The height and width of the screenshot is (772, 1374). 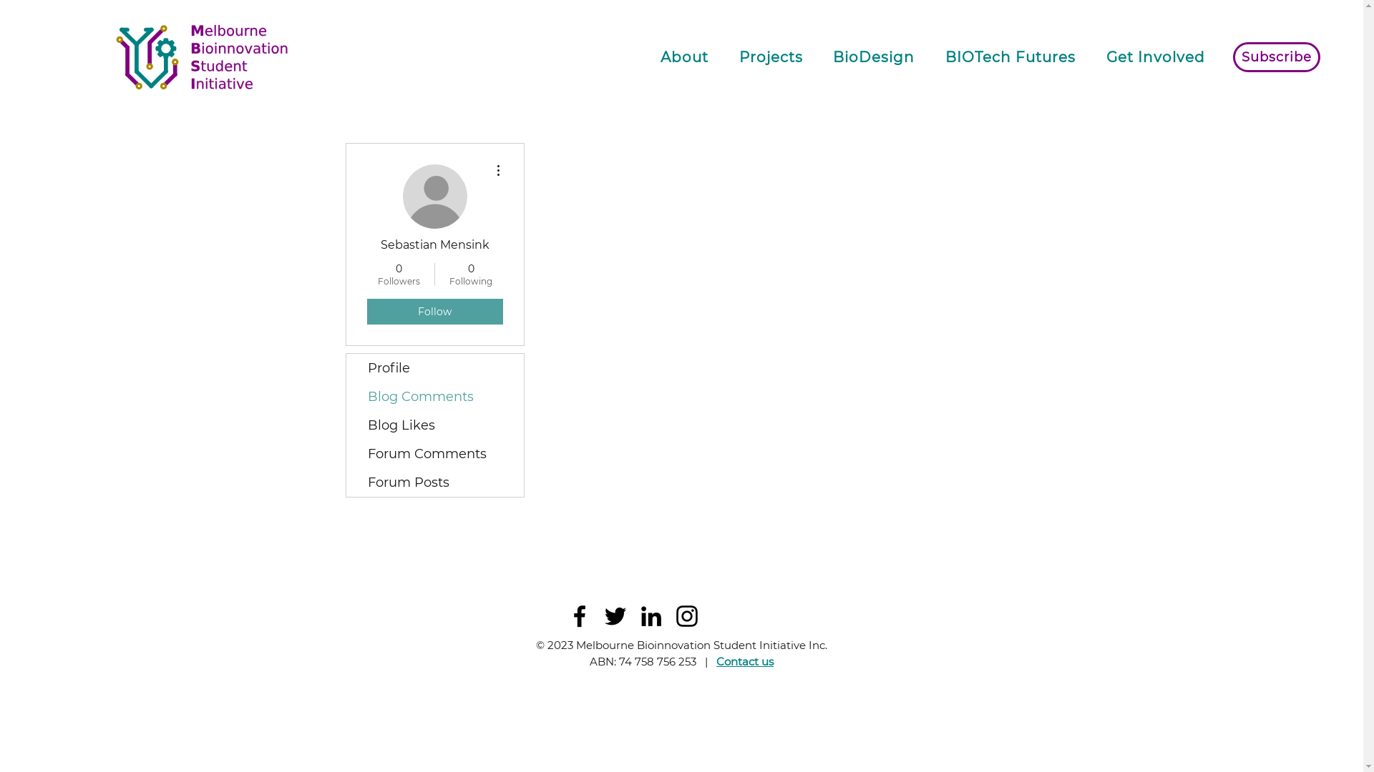 What do you see at coordinates (434, 367) in the screenshot?
I see `'Profile'` at bounding box center [434, 367].